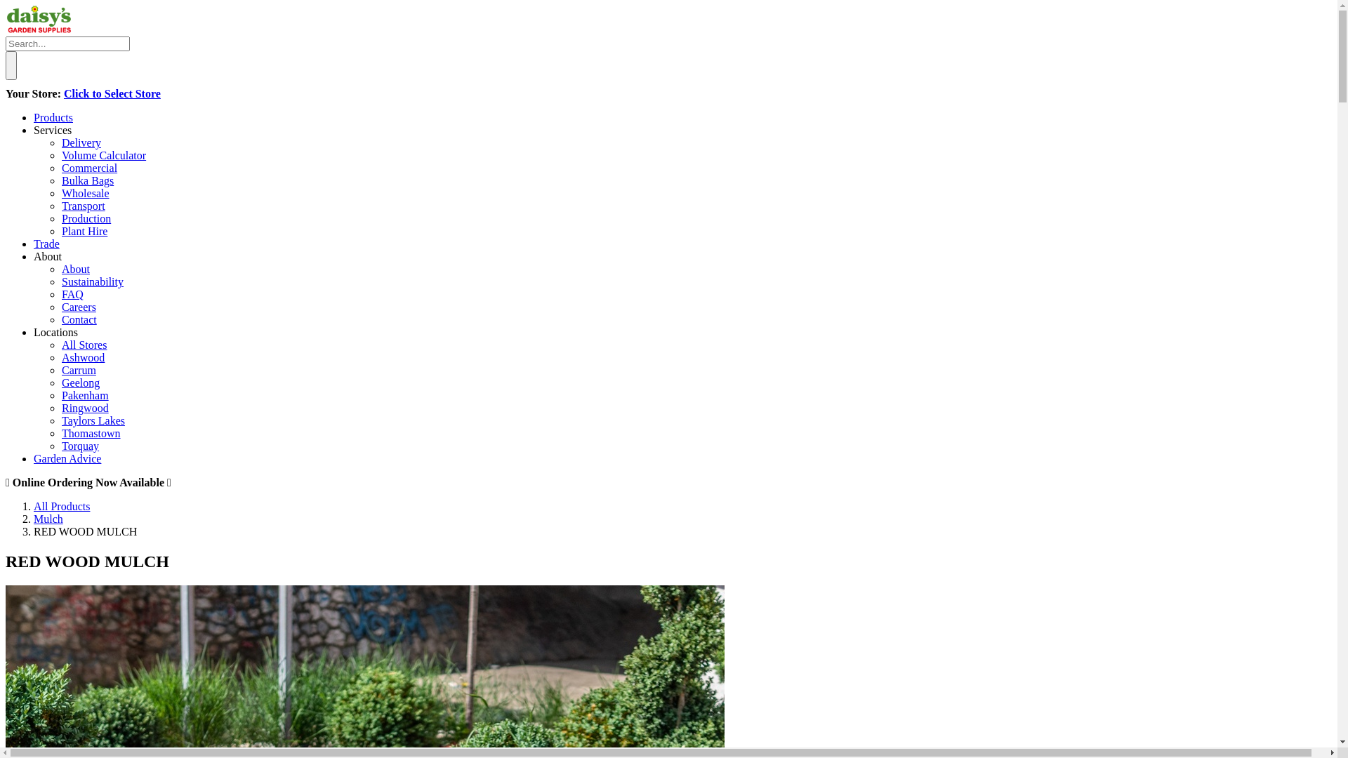  I want to click on 'Garden Advice', so click(34, 458).